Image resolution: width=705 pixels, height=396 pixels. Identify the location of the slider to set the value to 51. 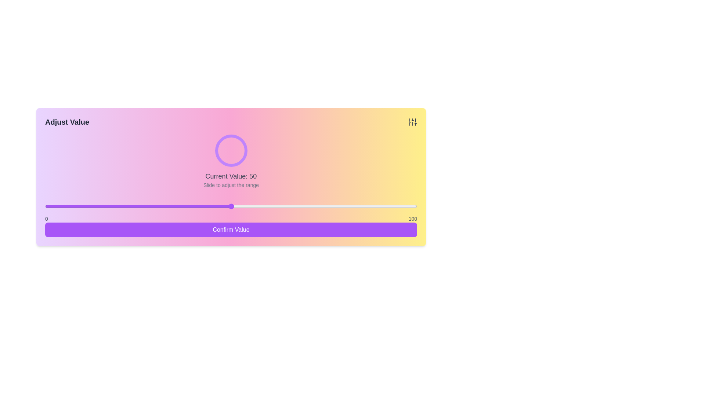
(234, 206).